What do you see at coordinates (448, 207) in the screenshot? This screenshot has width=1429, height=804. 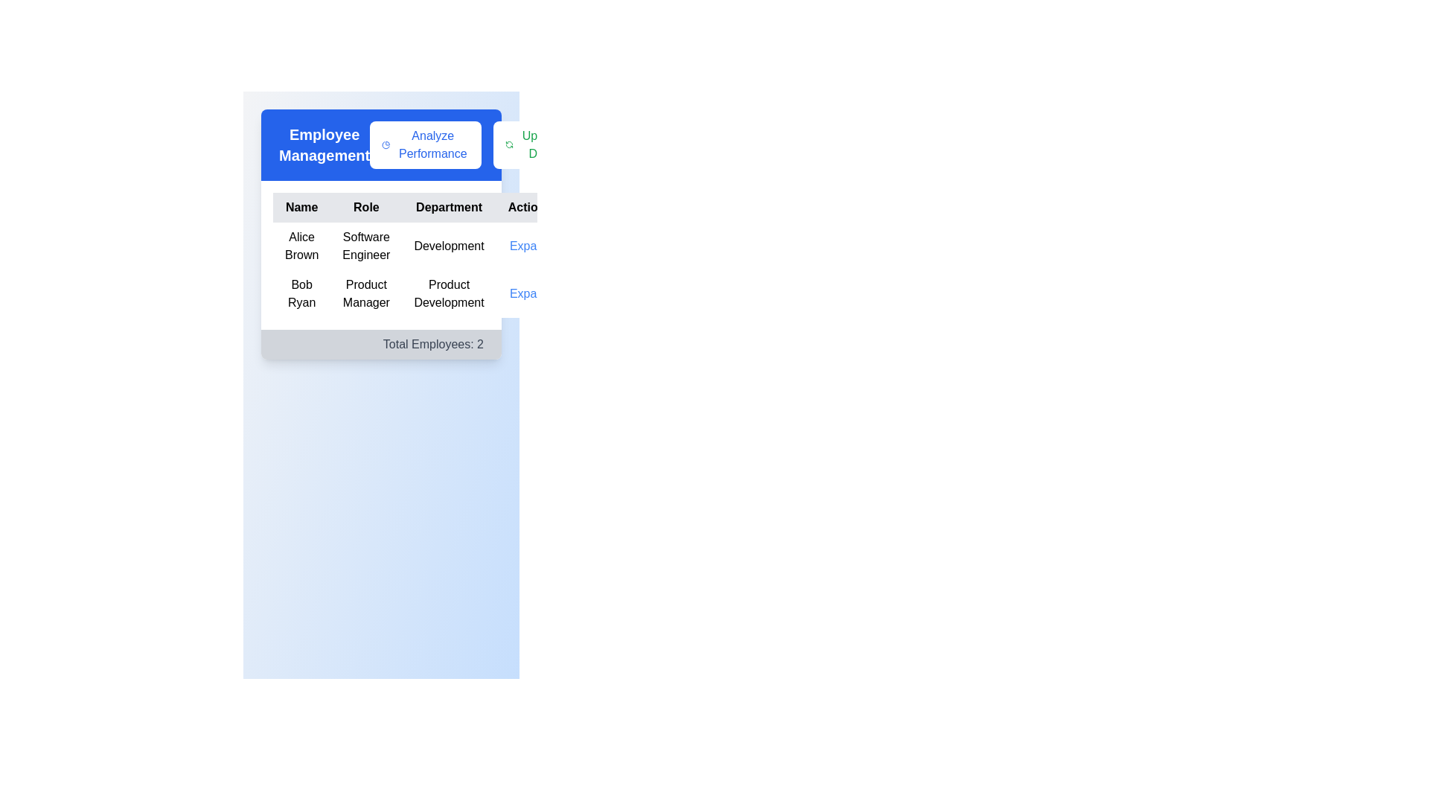 I see `the 'Department' header label in the table, which is the third column header located between 'Role' and 'Actions'` at bounding box center [448, 207].